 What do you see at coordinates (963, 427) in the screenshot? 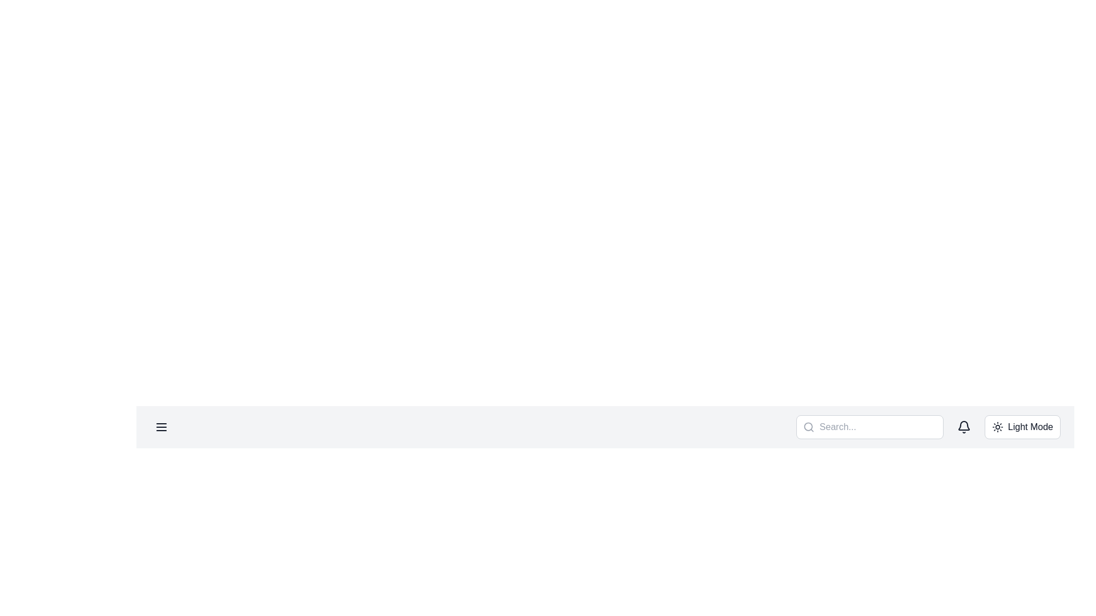
I see `the bell icon located at the right end of the horizontal navigation bar` at bounding box center [963, 427].